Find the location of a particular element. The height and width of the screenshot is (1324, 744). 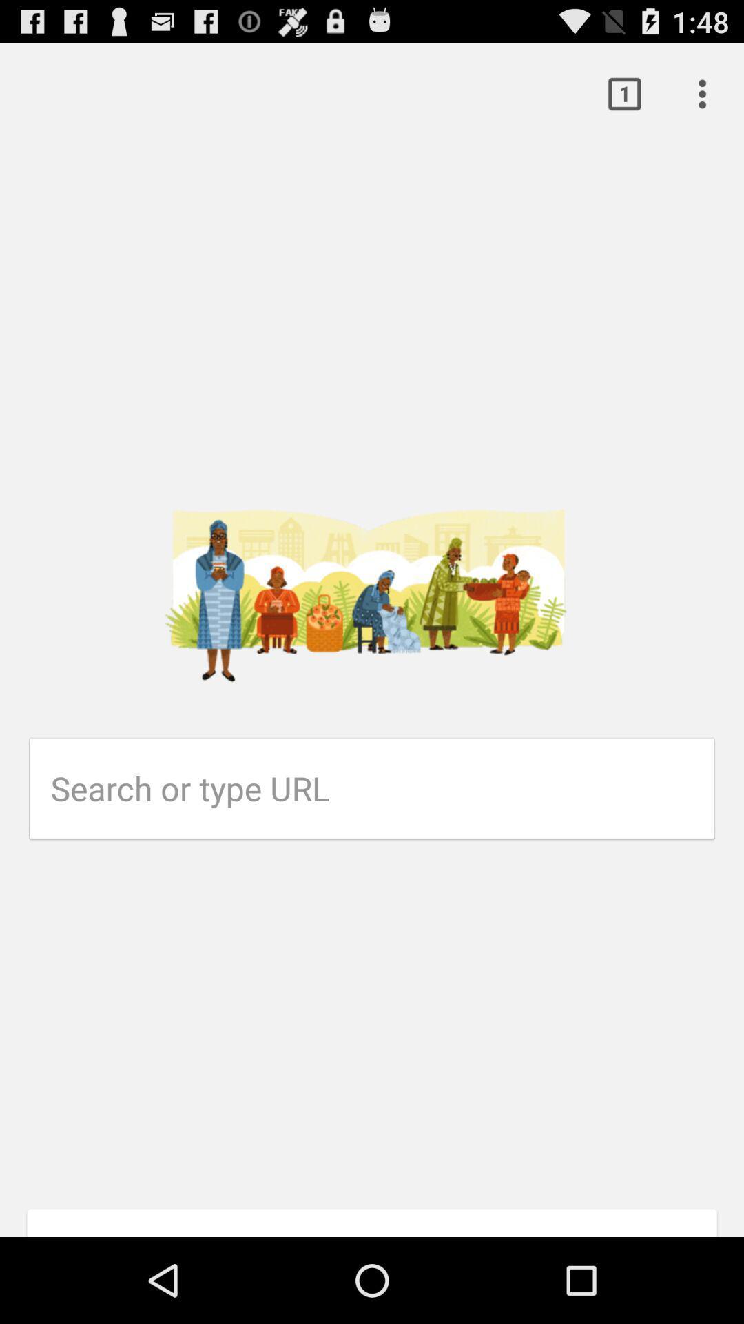

search criteria is located at coordinates (382, 788).